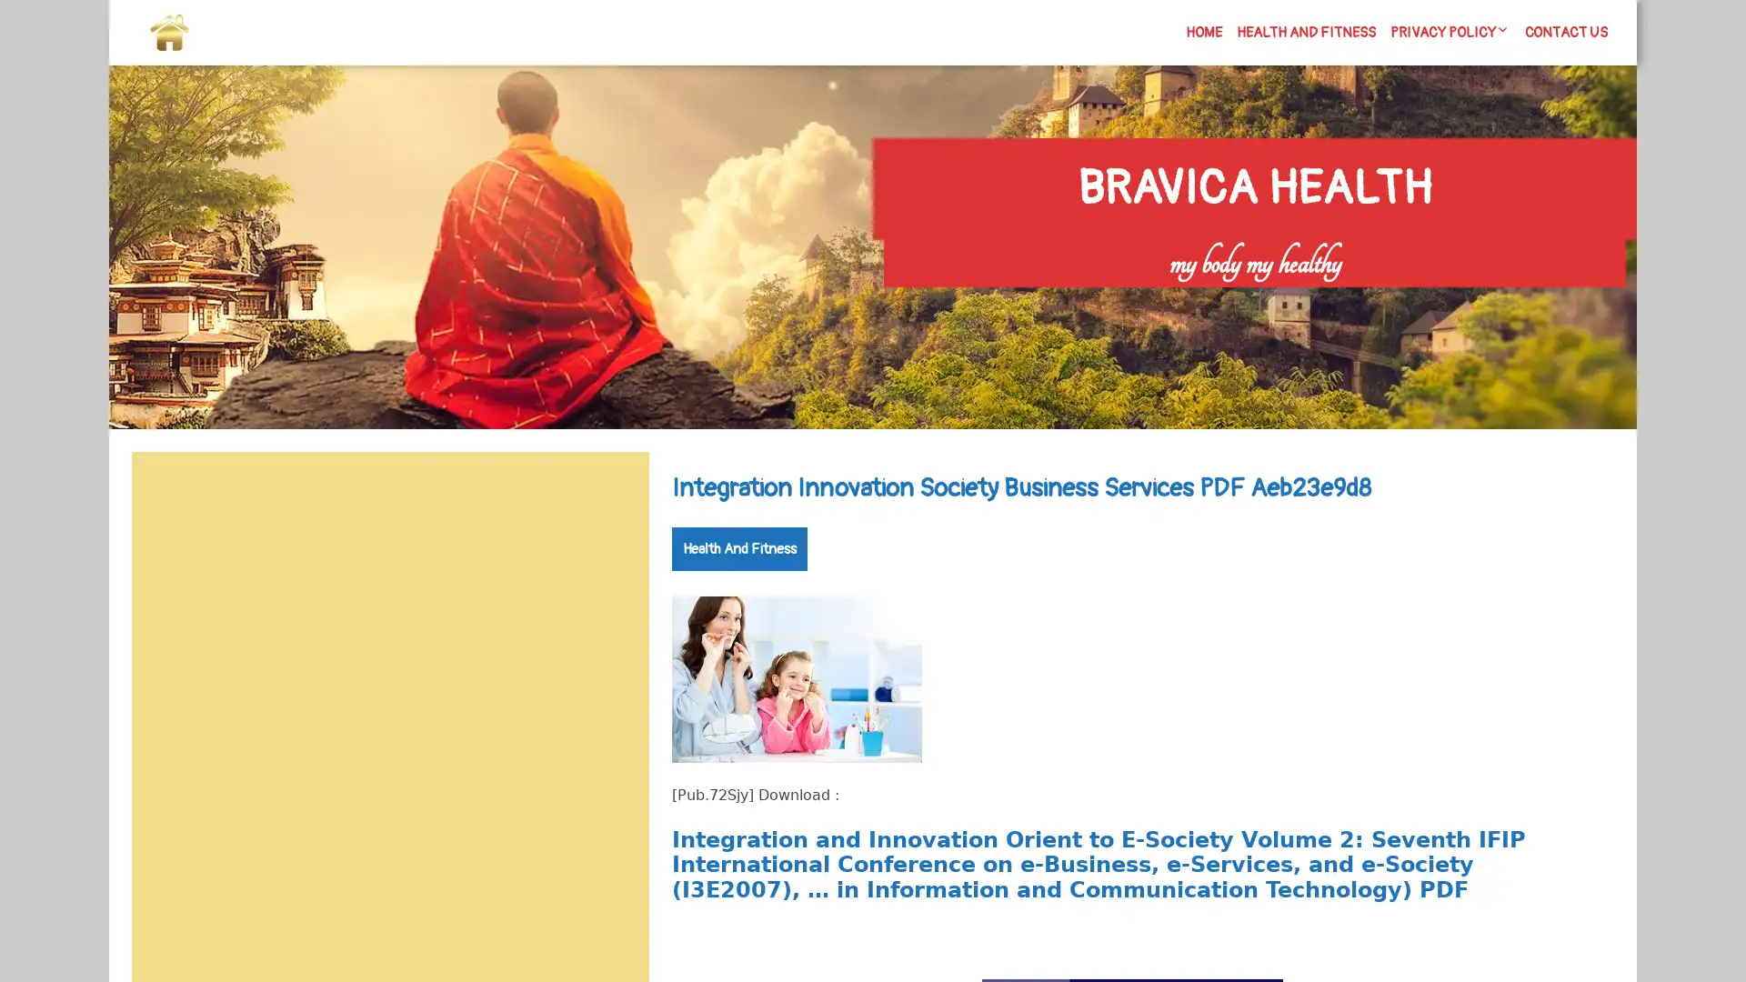 Image resolution: width=1746 pixels, height=982 pixels. What do you see at coordinates (1416, 297) in the screenshot?
I see `Search` at bounding box center [1416, 297].